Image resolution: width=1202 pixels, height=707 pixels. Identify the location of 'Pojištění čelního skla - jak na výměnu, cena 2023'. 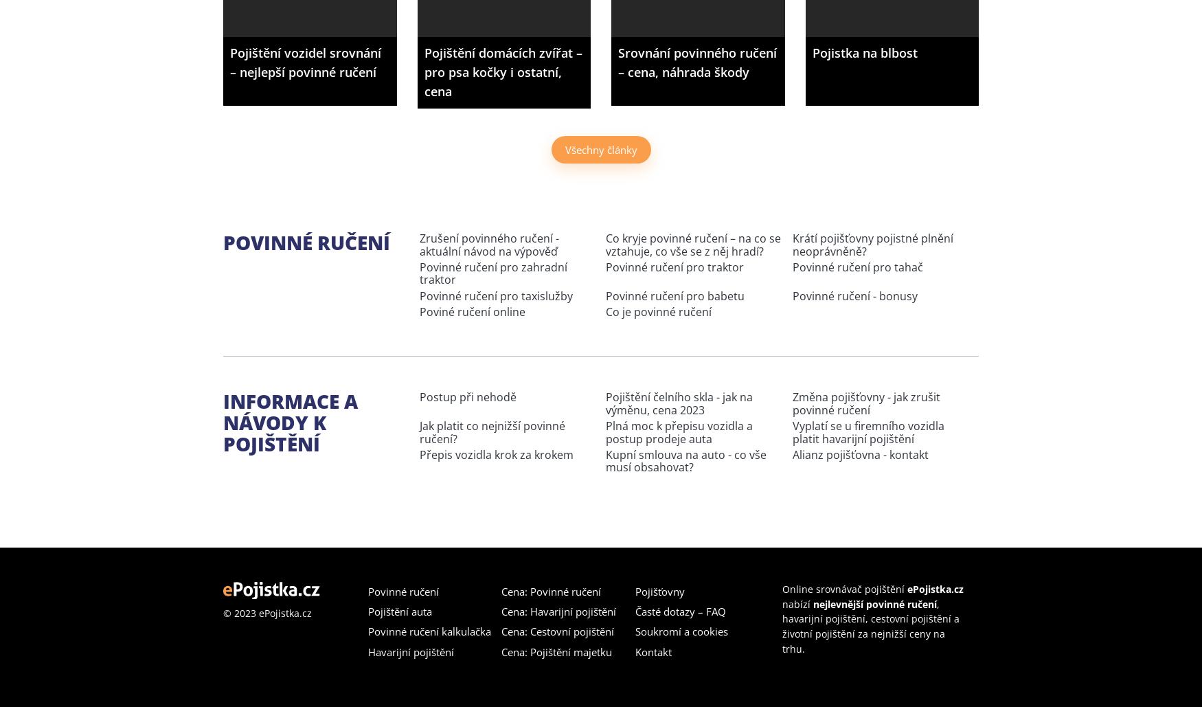
(679, 403).